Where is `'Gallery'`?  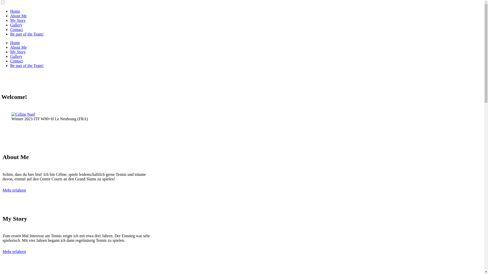 'Gallery' is located at coordinates (16, 25).